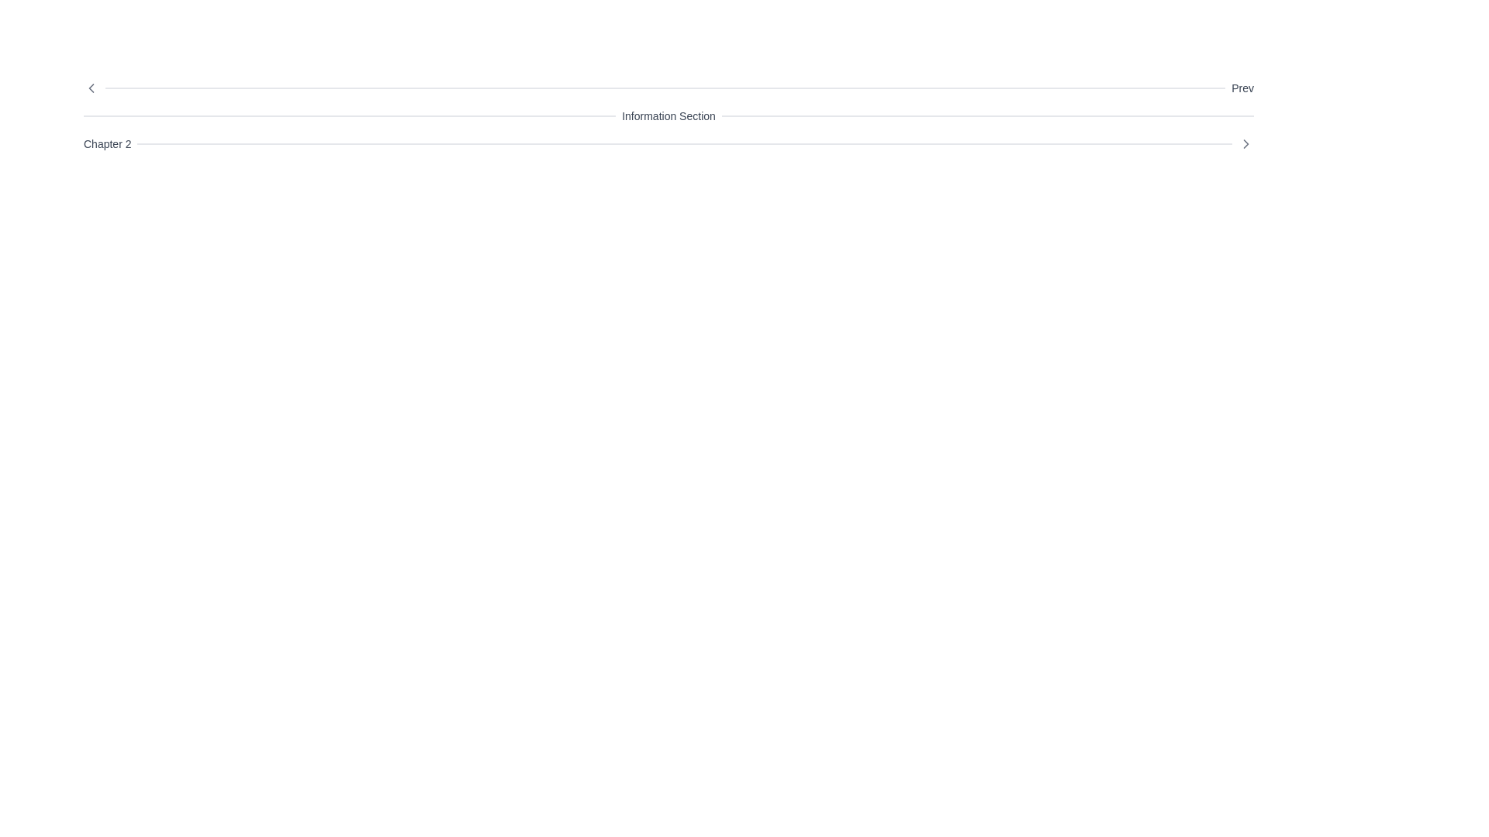 The width and height of the screenshot is (1489, 837). Describe the element at coordinates (106, 143) in the screenshot. I see `the static text label displaying 'Chapter 2' which is positioned at the leftmost part of a horizontal group, aligned with a separator line to its right` at that location.